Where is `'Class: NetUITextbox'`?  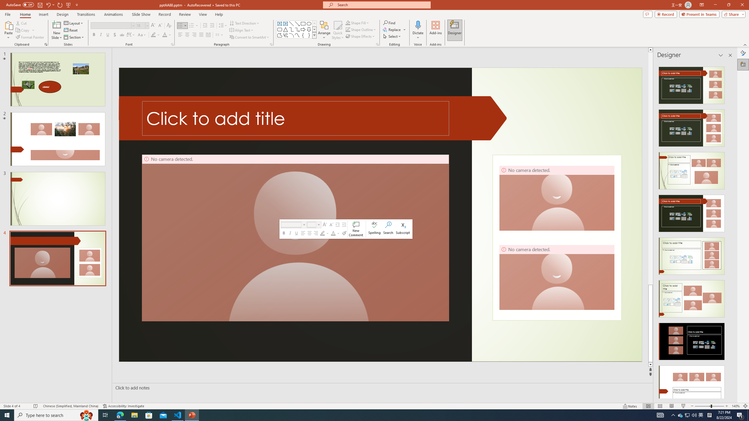
'Class: NetUITextbox' is located at coordinates (311, 224).